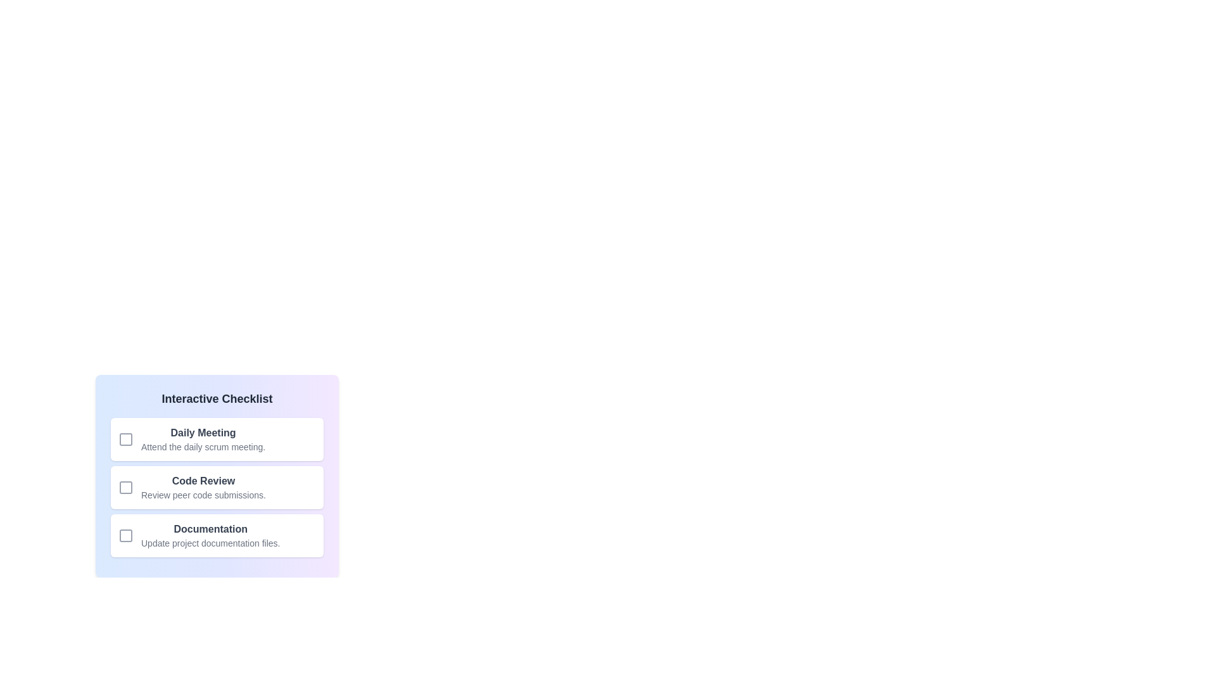 This screenshot has width=1216, height=684. What do you see at coordinates (203, 446) in the screenshot?
I see `the informational static text that serves as a descriptive subtitle for the 'Daily Meeting' task, located in the second row of the 'Interactive Checklist'` at bounding box center [203, 446].